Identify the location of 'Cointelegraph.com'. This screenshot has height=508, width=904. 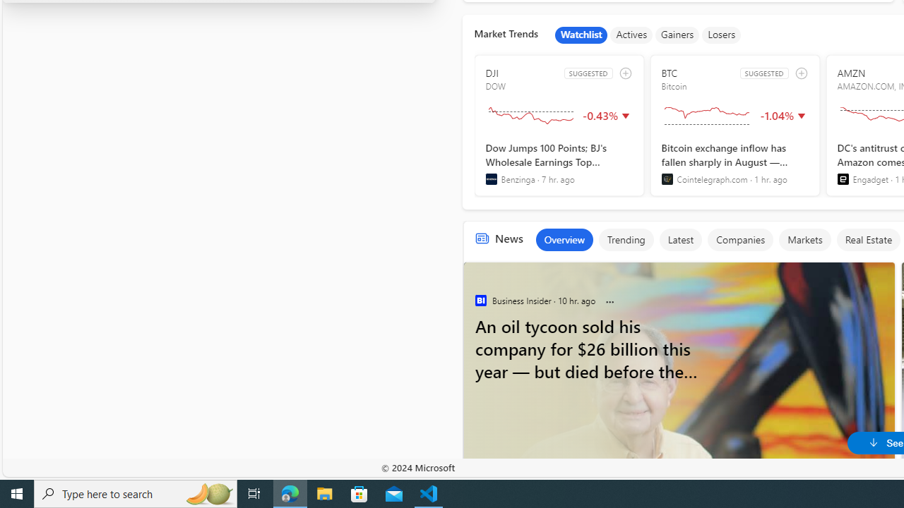
(666, 179).